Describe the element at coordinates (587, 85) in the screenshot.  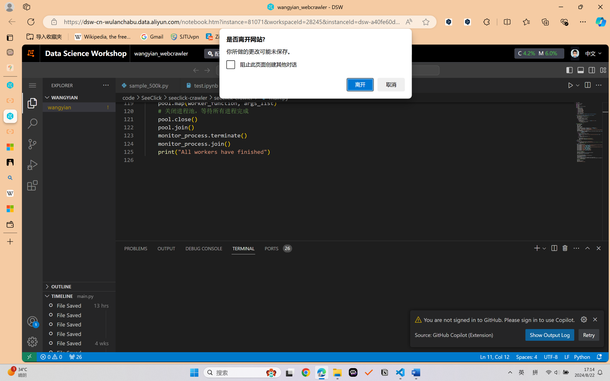
I see `'Split Editor Right (Ctrl+\) [Alt] Split Editor Down'` at that location.